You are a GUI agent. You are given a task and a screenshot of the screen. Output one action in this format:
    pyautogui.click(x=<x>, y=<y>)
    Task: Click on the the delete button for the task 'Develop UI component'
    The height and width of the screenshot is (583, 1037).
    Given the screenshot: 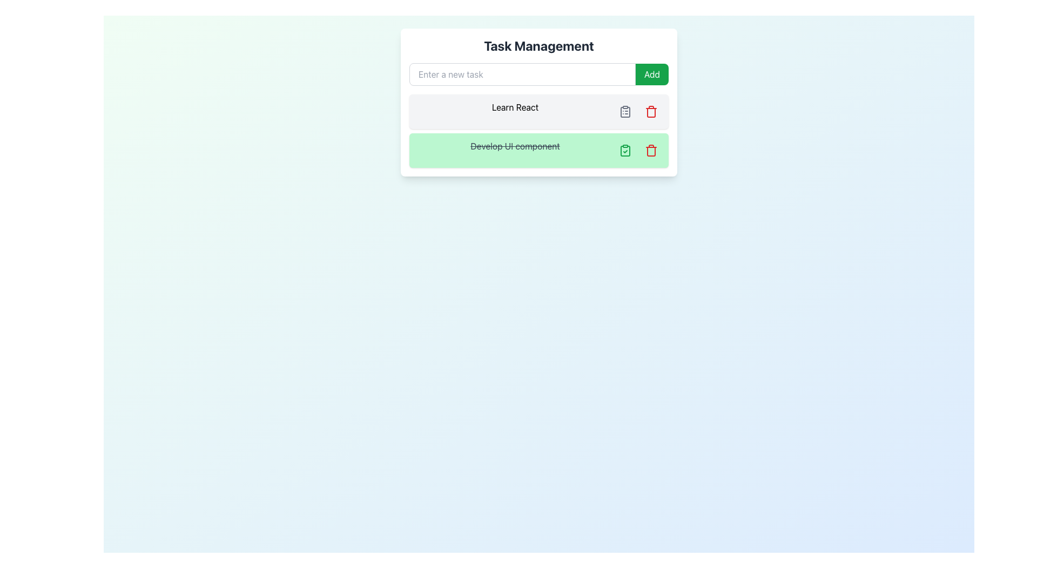 What is the action you would take?
    pyautogui.click(x=650, y=150)
    